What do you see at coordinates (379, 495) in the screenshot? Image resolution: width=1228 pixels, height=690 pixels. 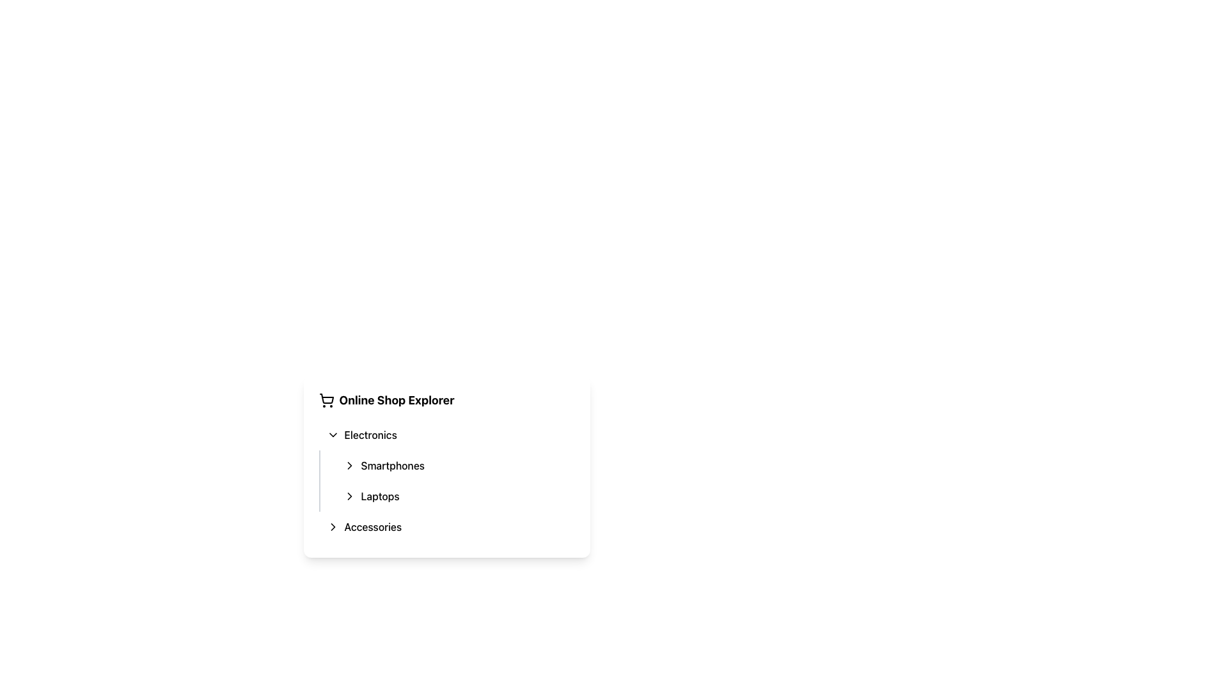 I see `the text label that says 'Laptops', which is a sub-item in the nested menu under 'Electronics', positioned between 'Smartphones' and 'Accessories'` at bounding box center [379, 495].